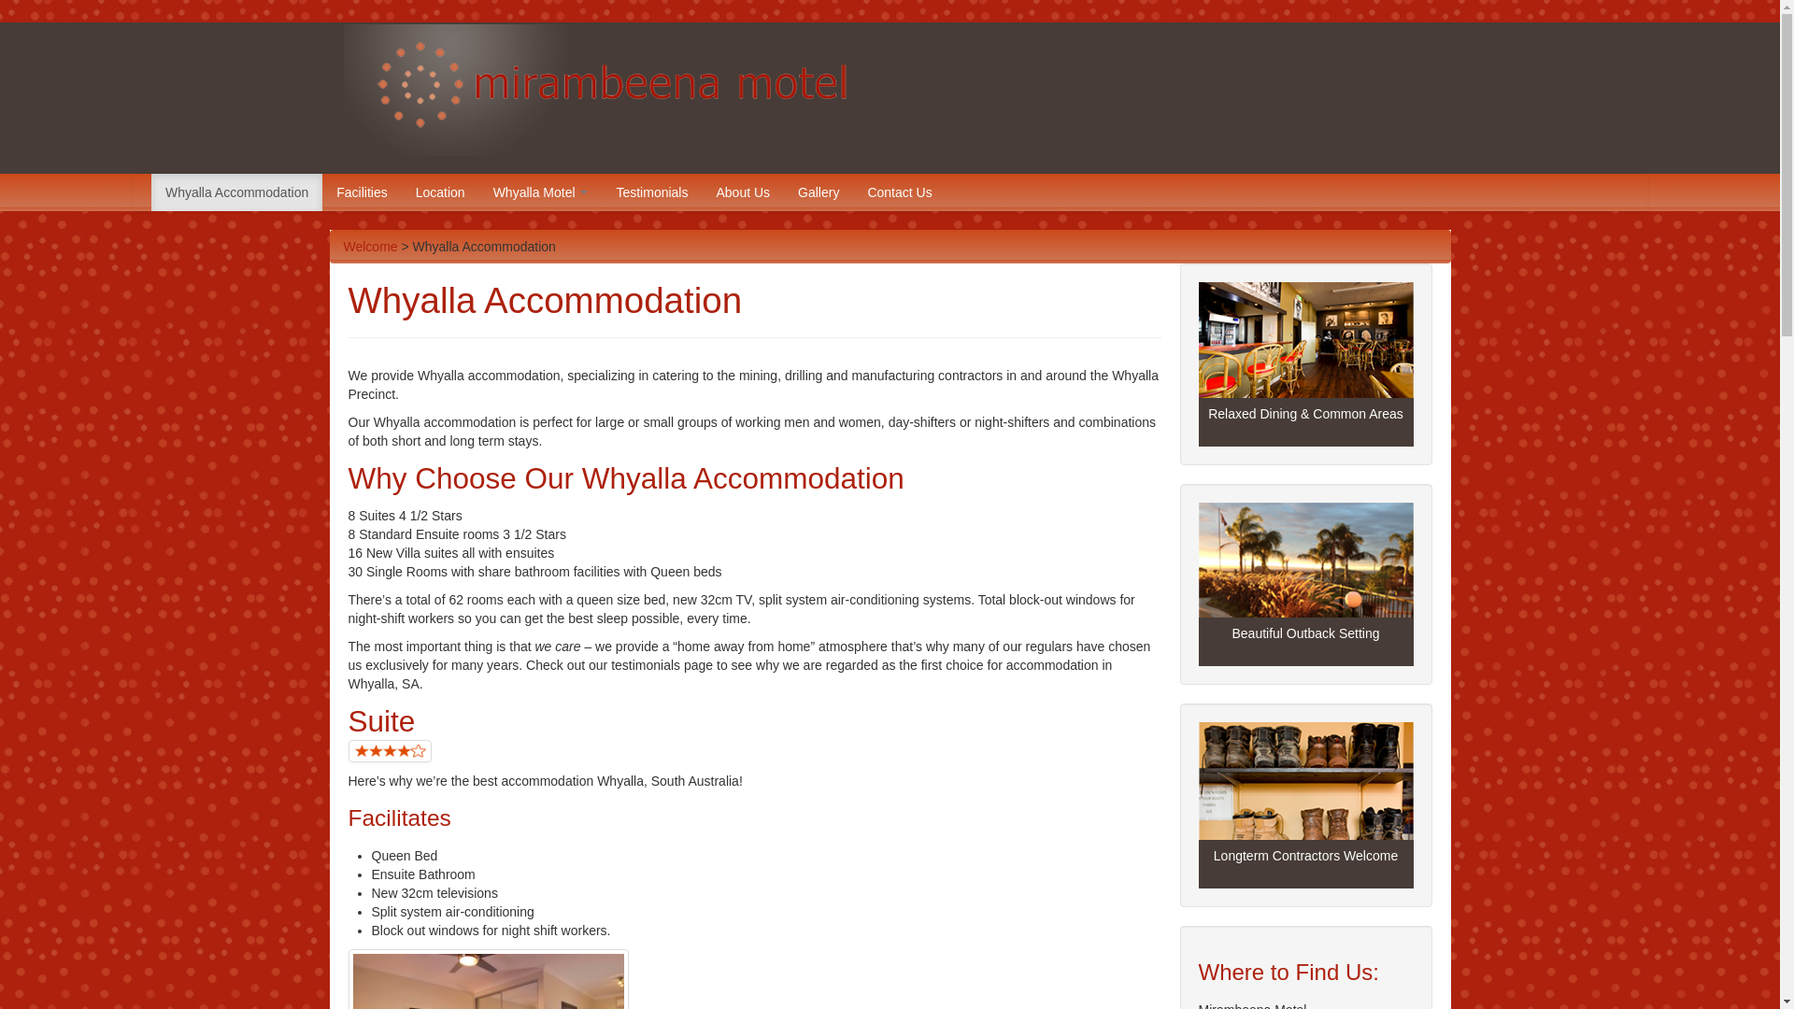 This screenshot has width=1794, height=1009. What do you see at coordinates (651, 192) in the screenshot?
I see `'Testimonials'` at bounding box center [651, 192].